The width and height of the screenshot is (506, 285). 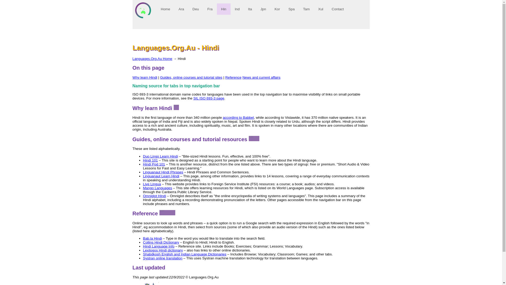 I want to click on 'Linguanaut Hindi Phrases', so click(x=163, y=172).